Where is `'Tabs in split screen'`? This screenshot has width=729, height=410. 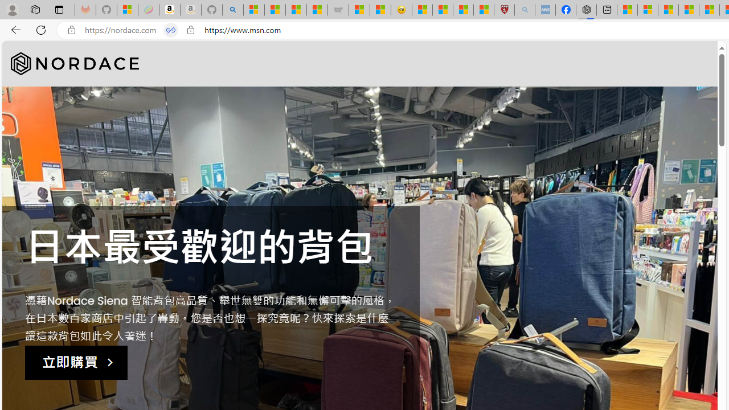
'Tabs in split screen' is located at coordinates (170, 30).